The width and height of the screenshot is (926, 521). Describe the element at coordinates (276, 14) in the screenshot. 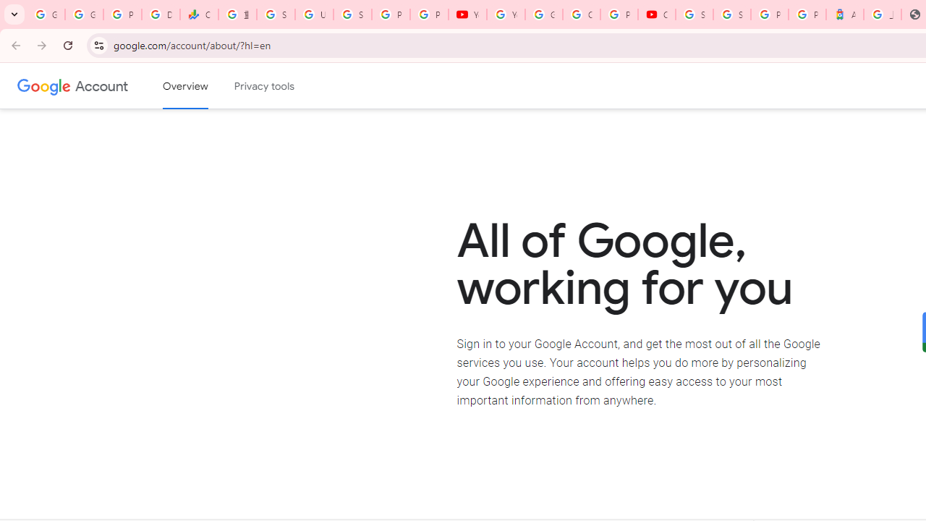

I see `'Sign in - Google Accounts'` at that location.